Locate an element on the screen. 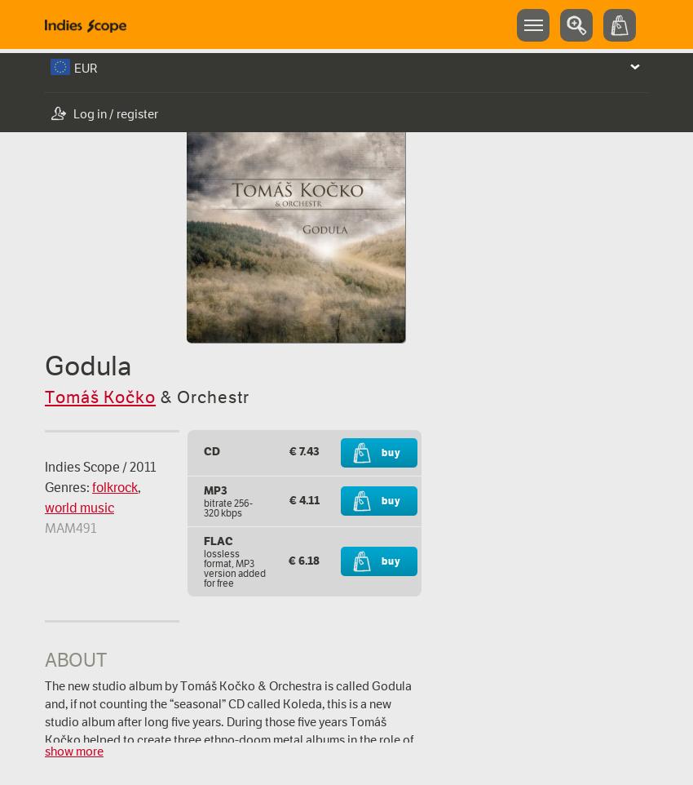  '& Orchestr' is located at coordinates (202, 395).